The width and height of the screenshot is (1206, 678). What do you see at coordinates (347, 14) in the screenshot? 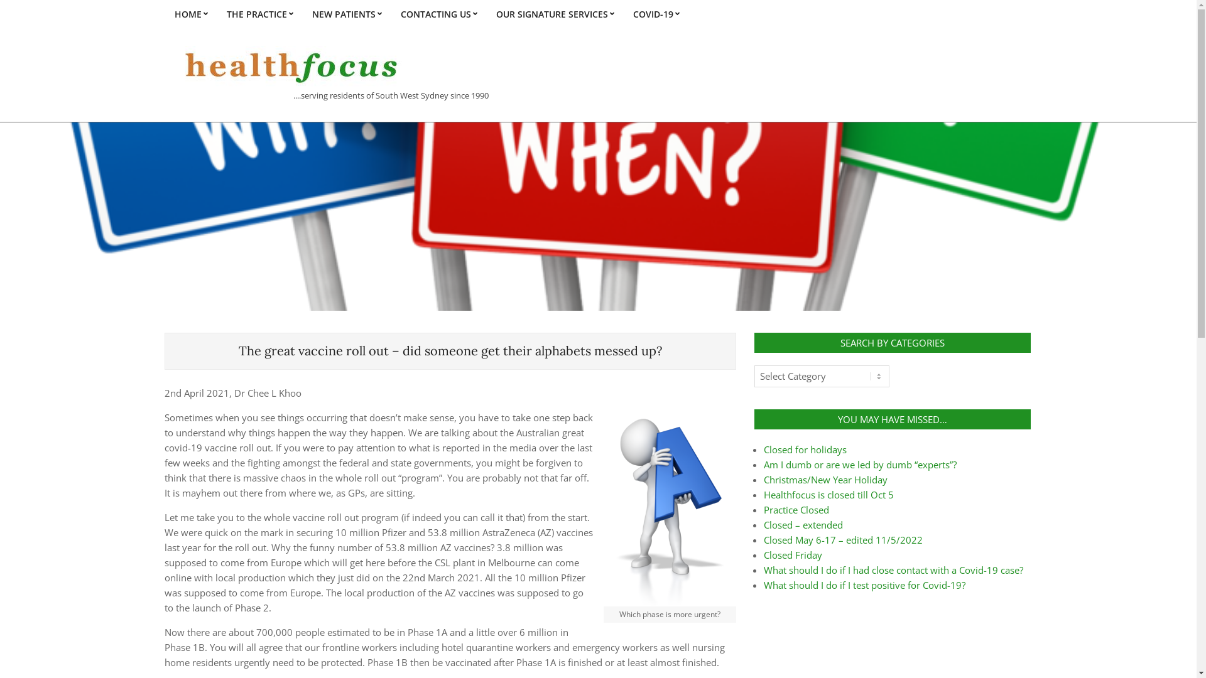
I see `'NEW PATIENTS'` at bounding box center [347, 14].